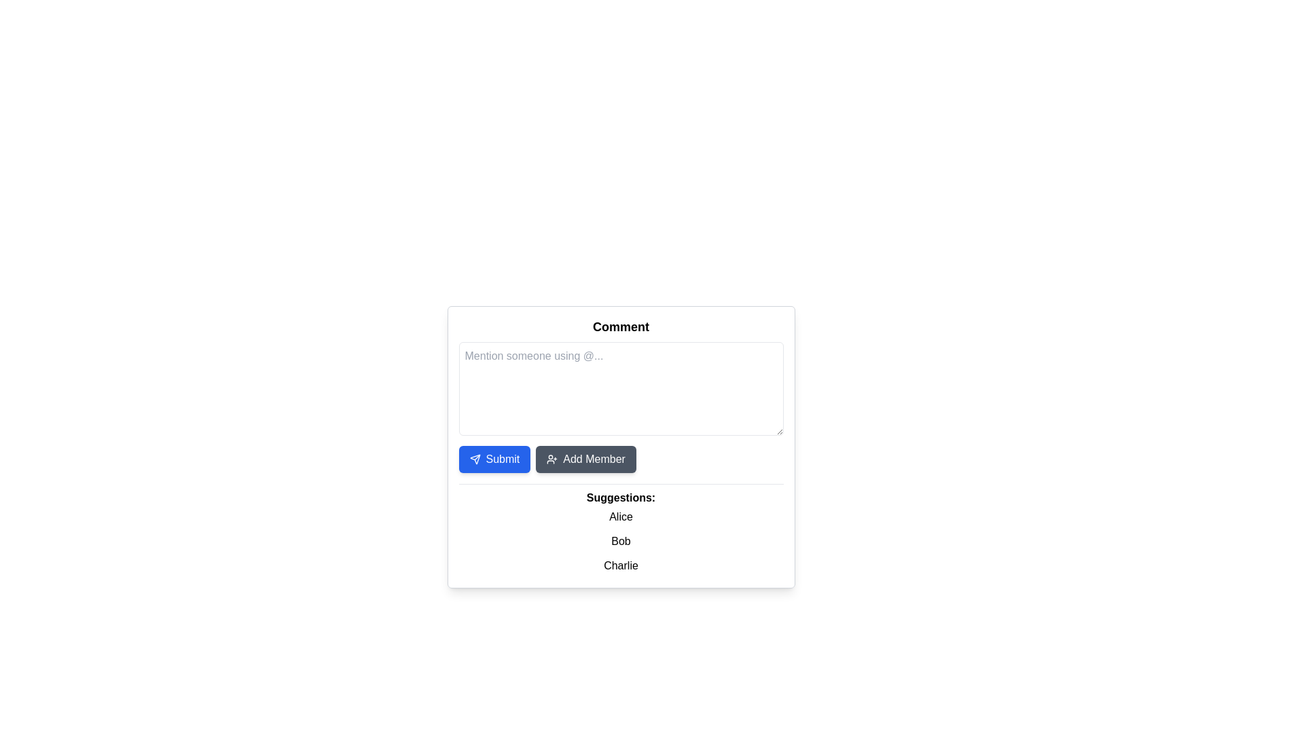  Describe the element at coordinates (494, 459) in the screenshot. I see `the button designed to send or submit the input from the text box labeled 'Comment', which is the first button in a horizontal arrangement of controls` at that location.